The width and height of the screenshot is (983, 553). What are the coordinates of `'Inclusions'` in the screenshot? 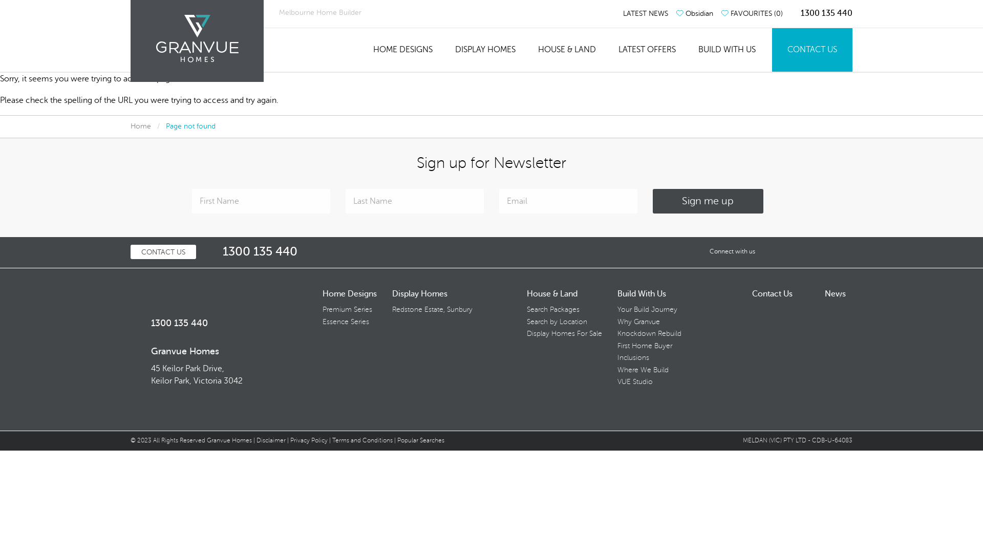 It's located at (633, 357).